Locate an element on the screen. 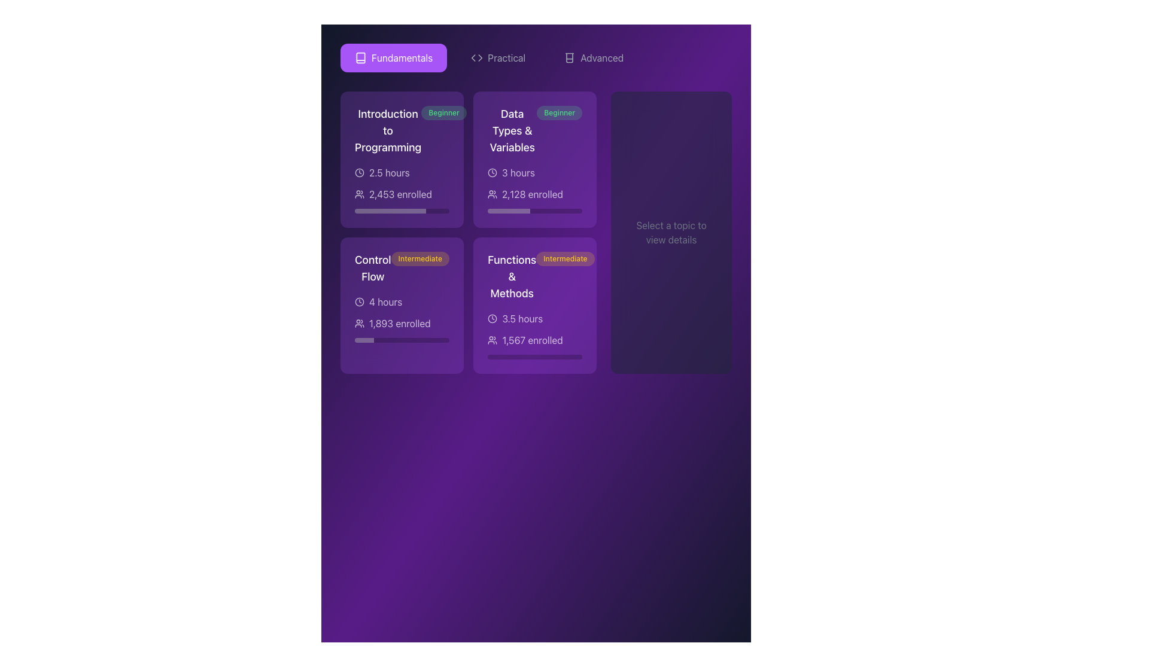 This screenshot has height=646, width=1149. the text label displaying '3 hours', which is styled with a white font on a purple background and is located in the 'Data Types & Variables' card, near a clock icon is located at coordinates (518, 173).